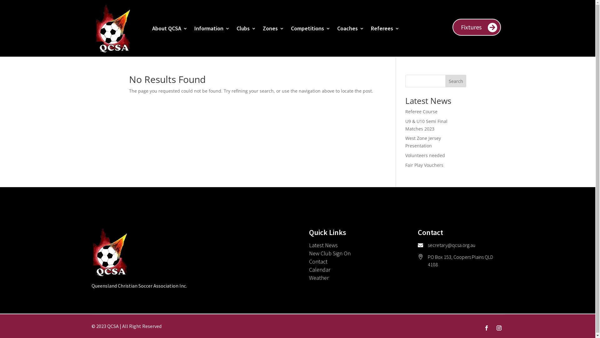 The height and width of the screenshot is (338, 600). I want to click on 'Calendar', so click(319, 269).